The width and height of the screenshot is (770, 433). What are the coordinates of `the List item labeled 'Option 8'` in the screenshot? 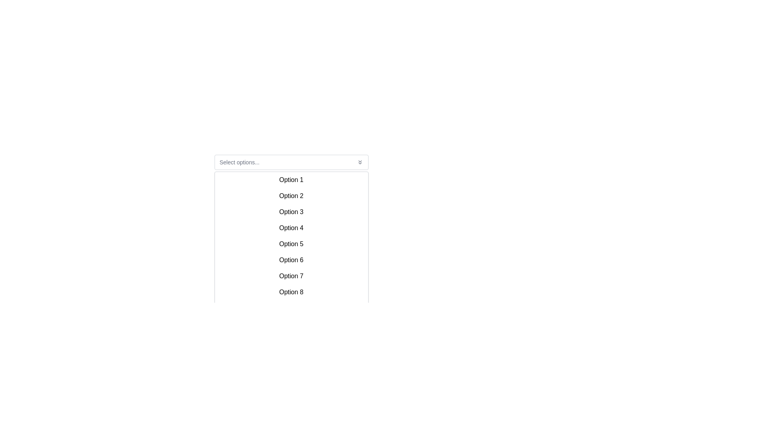 It's located at (291, 292).